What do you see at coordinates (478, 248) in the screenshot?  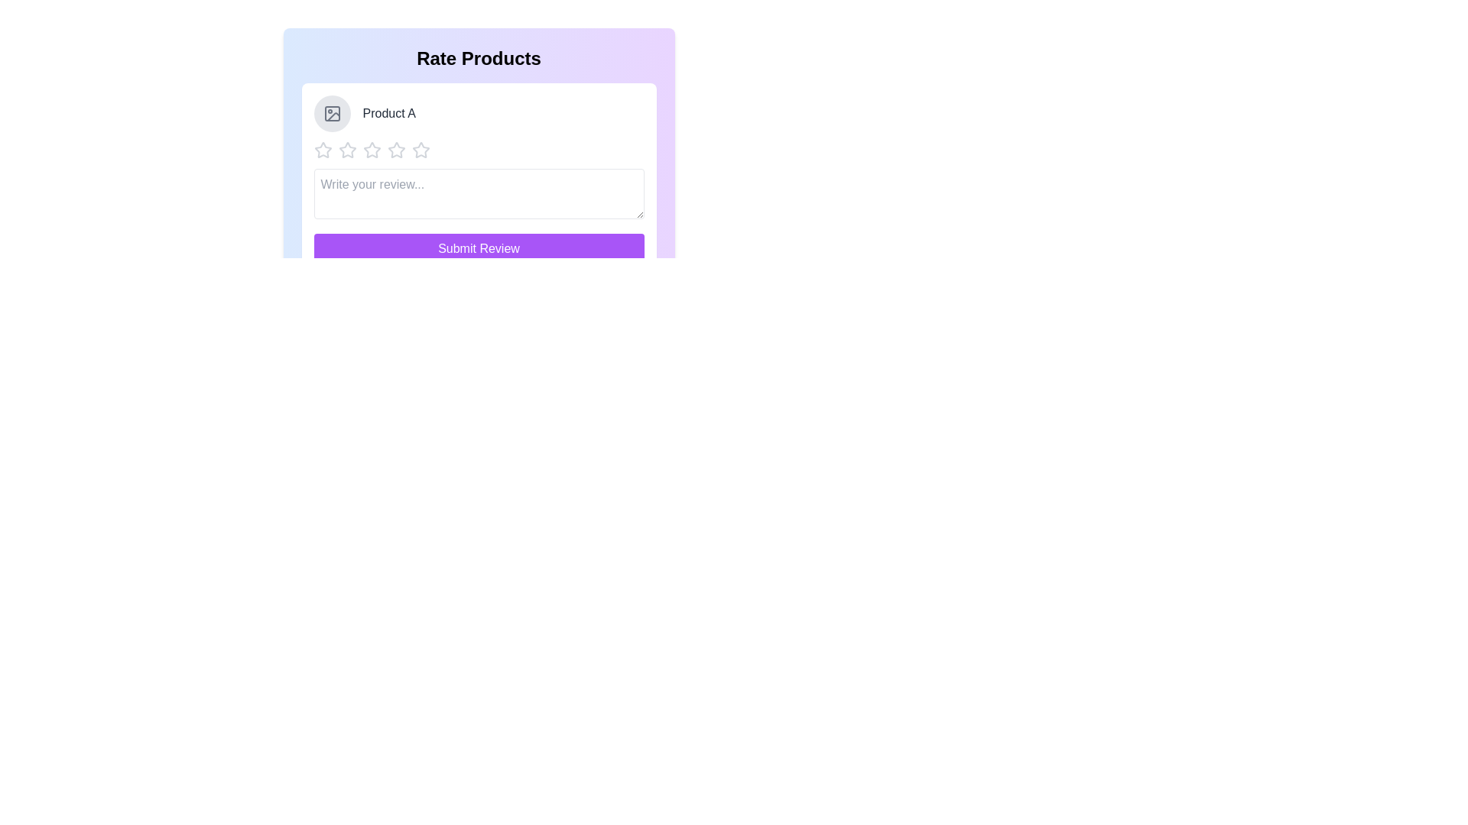 I see `the 'Submit Review' button to submit the review` at bounding box center [478, 248].